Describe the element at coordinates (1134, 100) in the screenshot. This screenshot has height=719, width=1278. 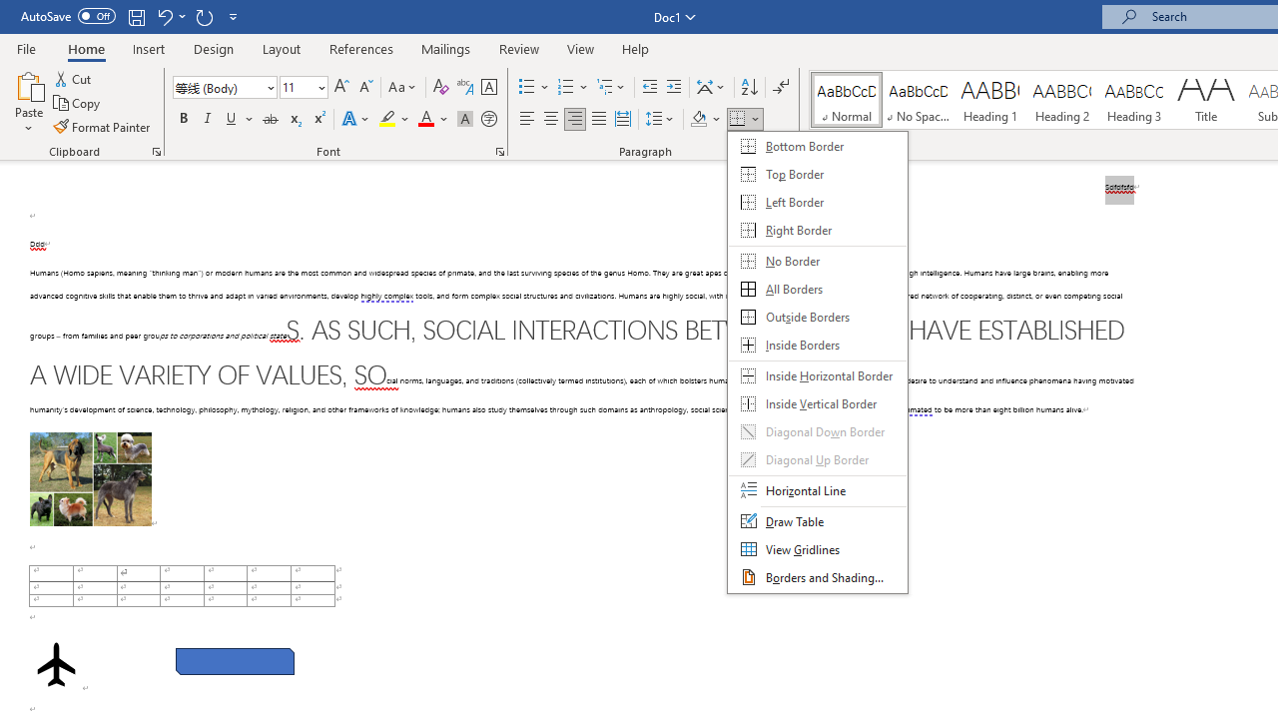
I see `'Heading 3'` at that location.